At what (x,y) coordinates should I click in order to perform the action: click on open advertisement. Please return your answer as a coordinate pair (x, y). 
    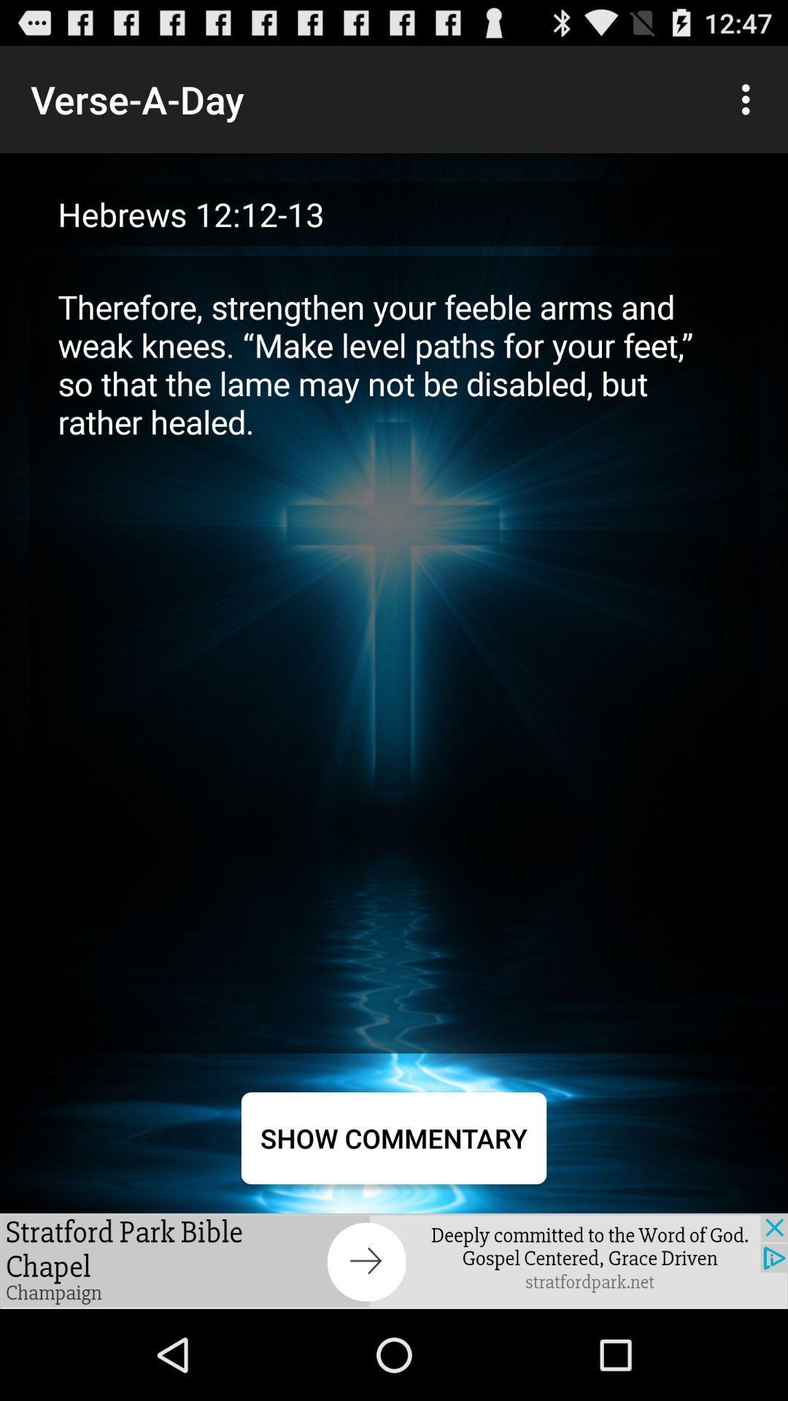
    Looking at the image, I should click on (394, 1260).